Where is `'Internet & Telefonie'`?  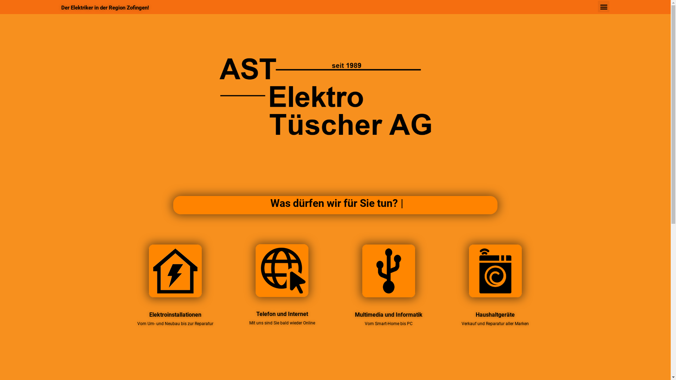 'Internet & Telefonie' is located at coordinates (282, 270).